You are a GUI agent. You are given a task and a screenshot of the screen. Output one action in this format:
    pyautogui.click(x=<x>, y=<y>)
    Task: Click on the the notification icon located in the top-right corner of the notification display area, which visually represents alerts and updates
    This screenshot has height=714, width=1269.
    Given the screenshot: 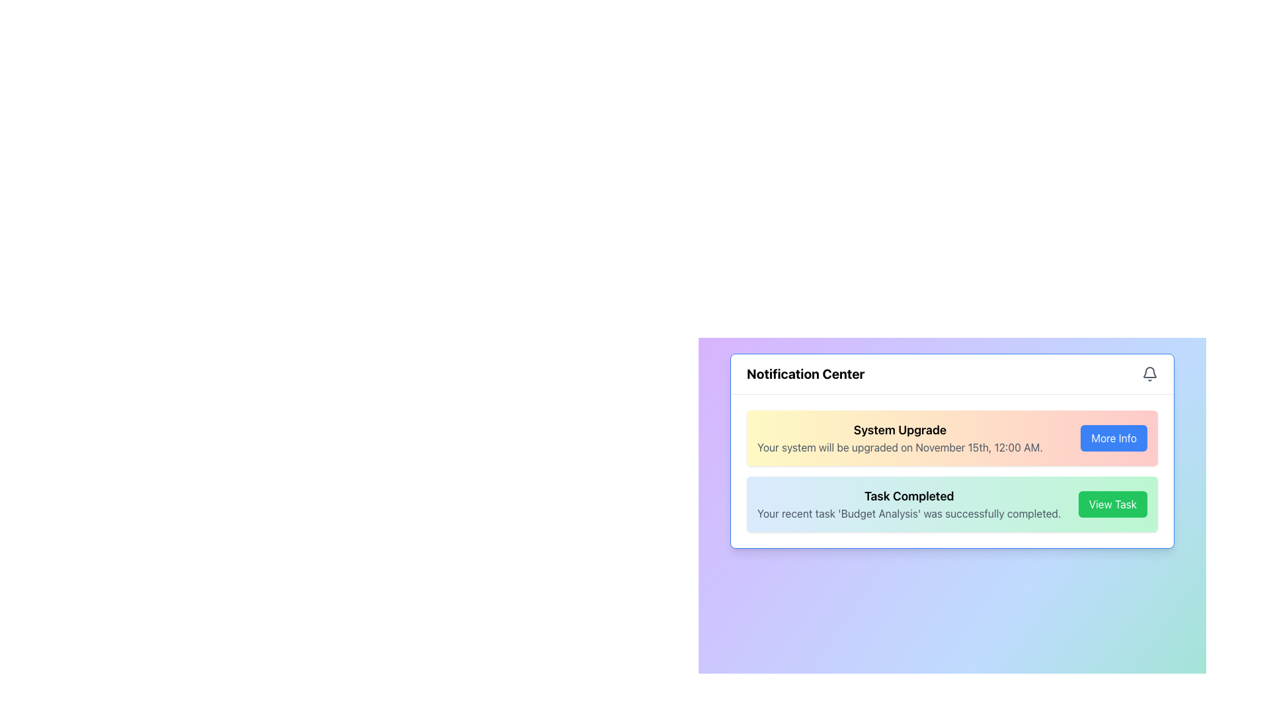 What is the action you would take?
    pyautogui.click(x=1149, y=372)
    